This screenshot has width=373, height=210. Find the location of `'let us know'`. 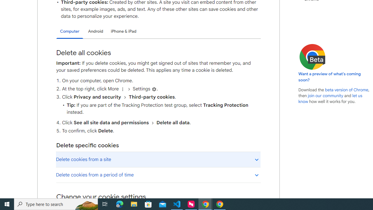

'let us know' is located at coordinates (330, 98).